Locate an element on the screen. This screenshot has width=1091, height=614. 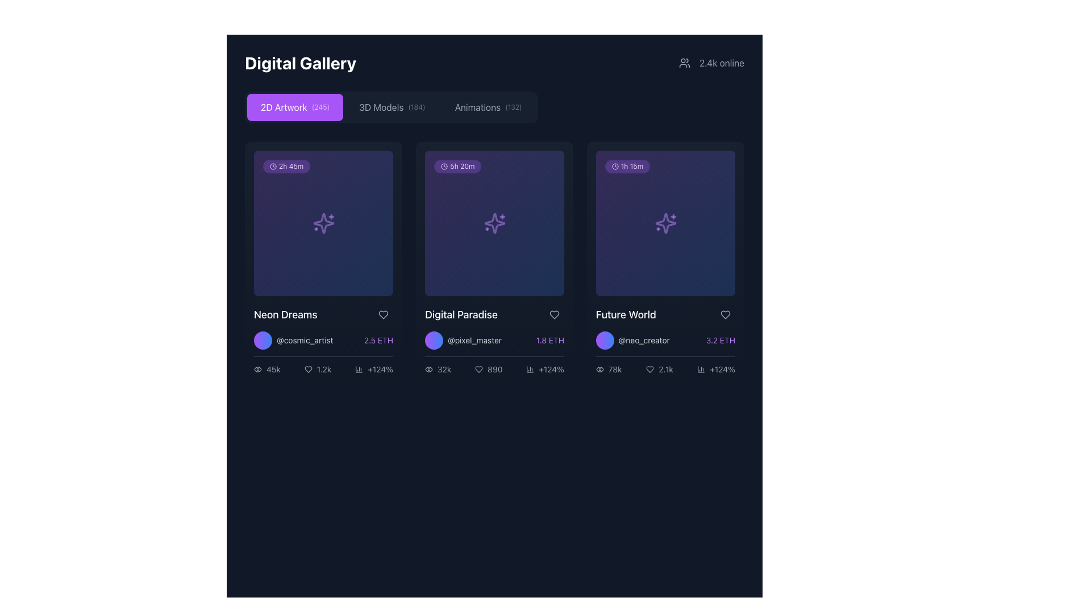
the user avatar representing the '@cosmic_artist' account, located to the left of the text within a horizontally laid-out list is located at coordinates (262, 339).